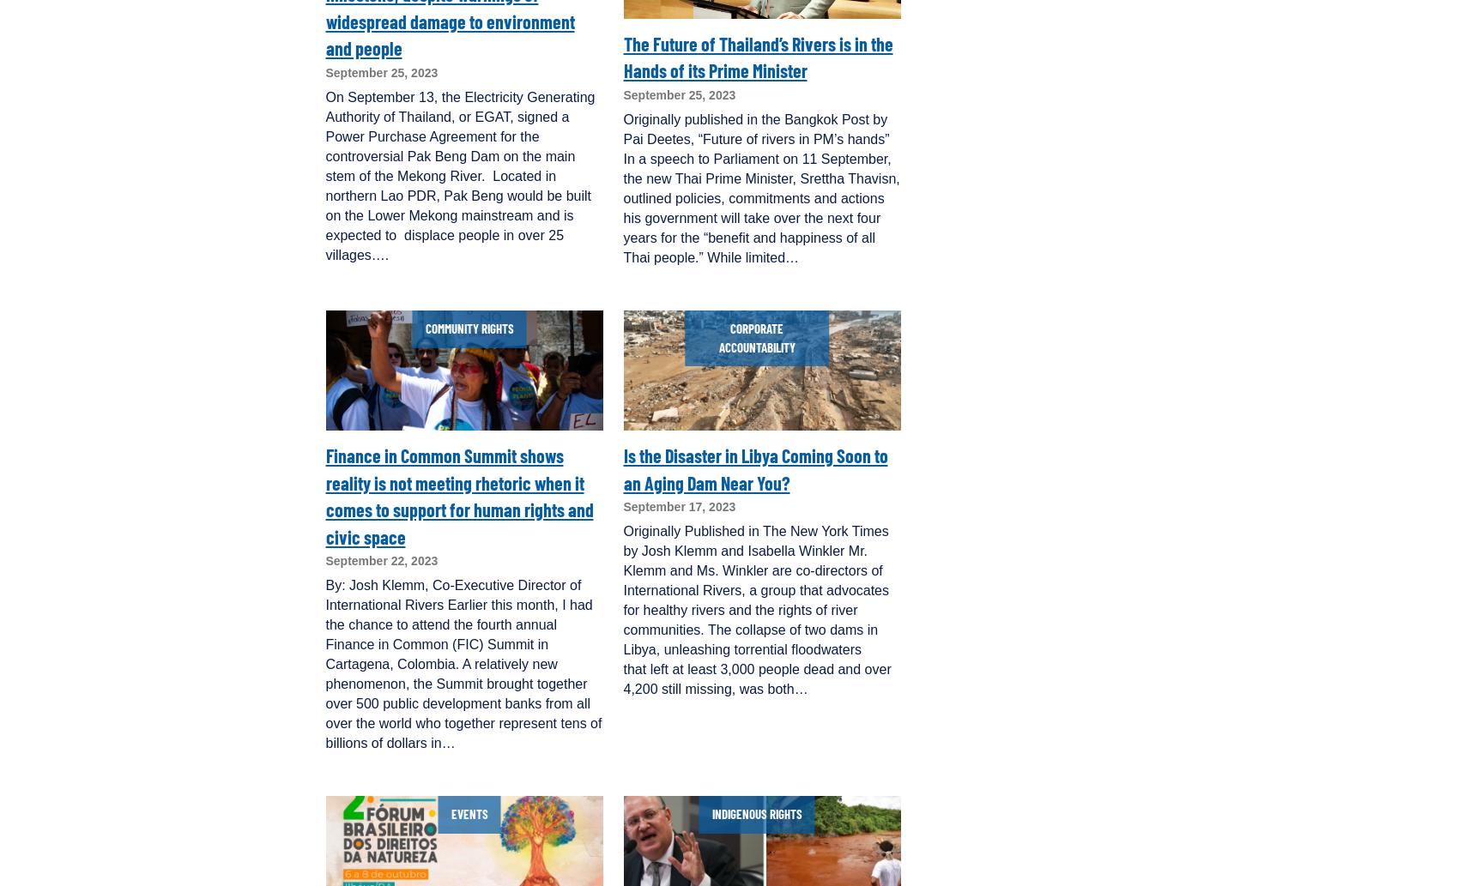  Describe the element at coordinates (755, 610) in the screenshot. I see `'Originally Published in The New York Times by Josh Klemm and Isabella Winkler Mr. Klemm and Ms. Winkler are co-directors of International Rivers, a group that advocates for healthy rivers and the rights of river communities. The collapse of two dams in Libya, unleashing torrential floodwaters that left at least 3,000 people dead and over 4,200 still missing, was both…'` at that location.